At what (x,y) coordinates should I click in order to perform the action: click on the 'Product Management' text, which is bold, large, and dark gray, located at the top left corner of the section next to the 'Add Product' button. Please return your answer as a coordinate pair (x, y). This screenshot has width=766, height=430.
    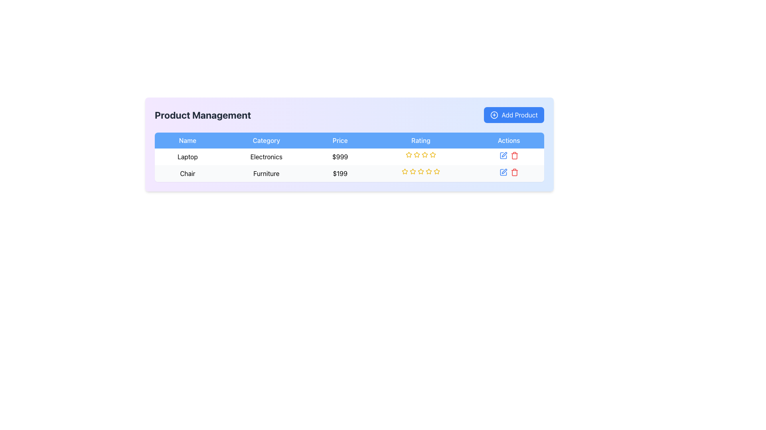
    Looking at the image, I should click on (203, 115).